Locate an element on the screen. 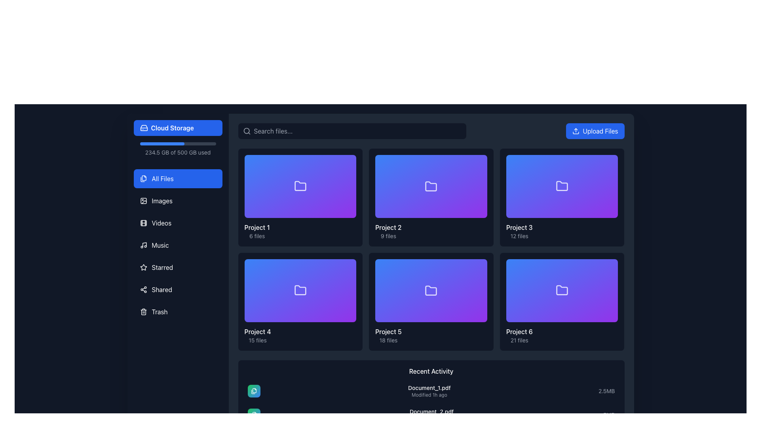 This screenshot has height=428, width=760. the button in the top-right corner of the project card labeled 'Project 2' is located at coordinates (479, 162).